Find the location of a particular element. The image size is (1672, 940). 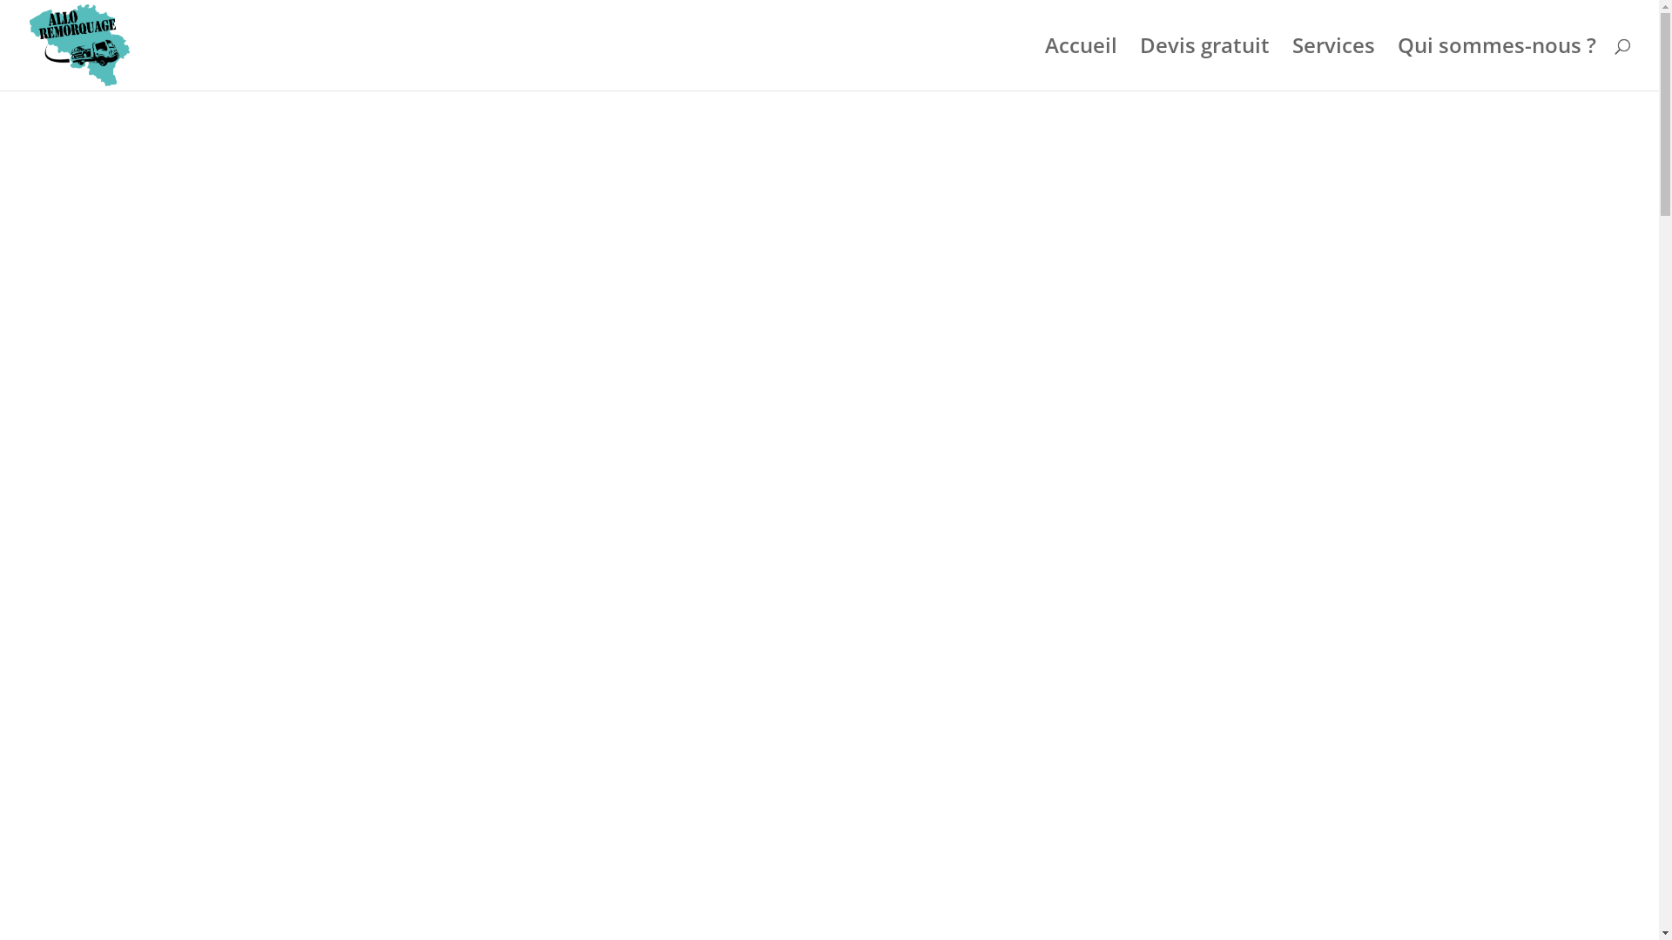

'Devis gratuit' is located at coordinates (1203, 64).